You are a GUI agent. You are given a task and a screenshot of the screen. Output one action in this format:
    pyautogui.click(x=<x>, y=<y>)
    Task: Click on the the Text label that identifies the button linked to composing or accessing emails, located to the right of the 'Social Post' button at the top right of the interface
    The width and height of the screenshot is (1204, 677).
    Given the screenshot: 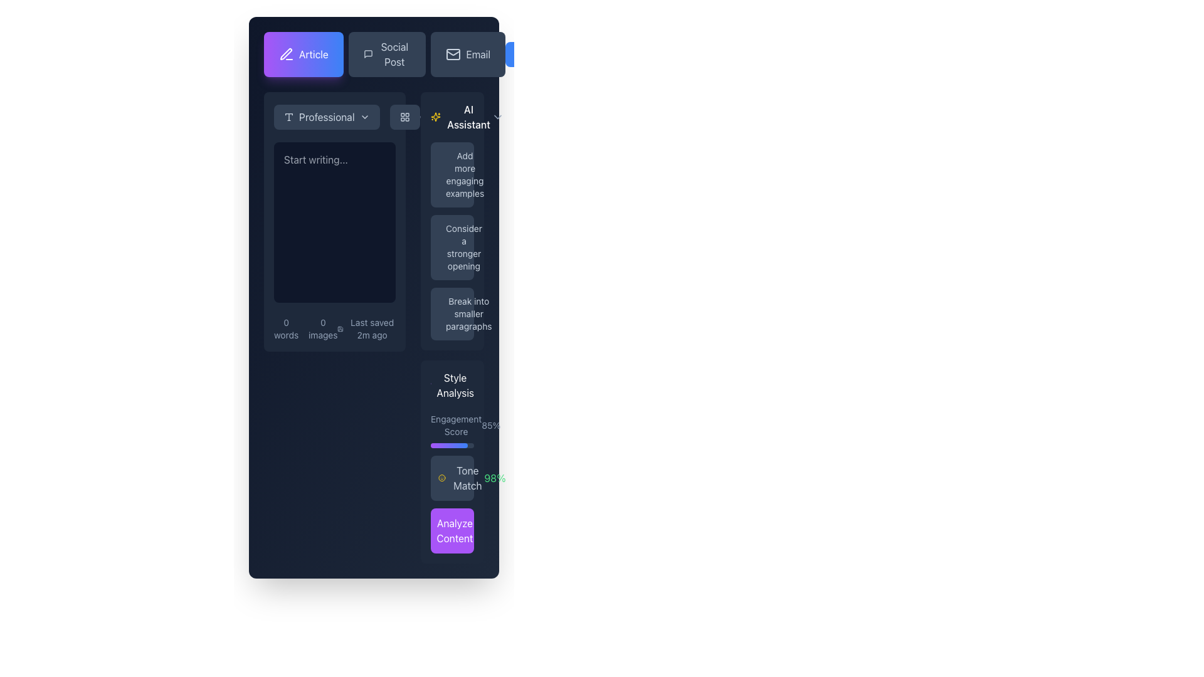 What is the action you would take?
    pyautogui.click(x=477, y=54)
    